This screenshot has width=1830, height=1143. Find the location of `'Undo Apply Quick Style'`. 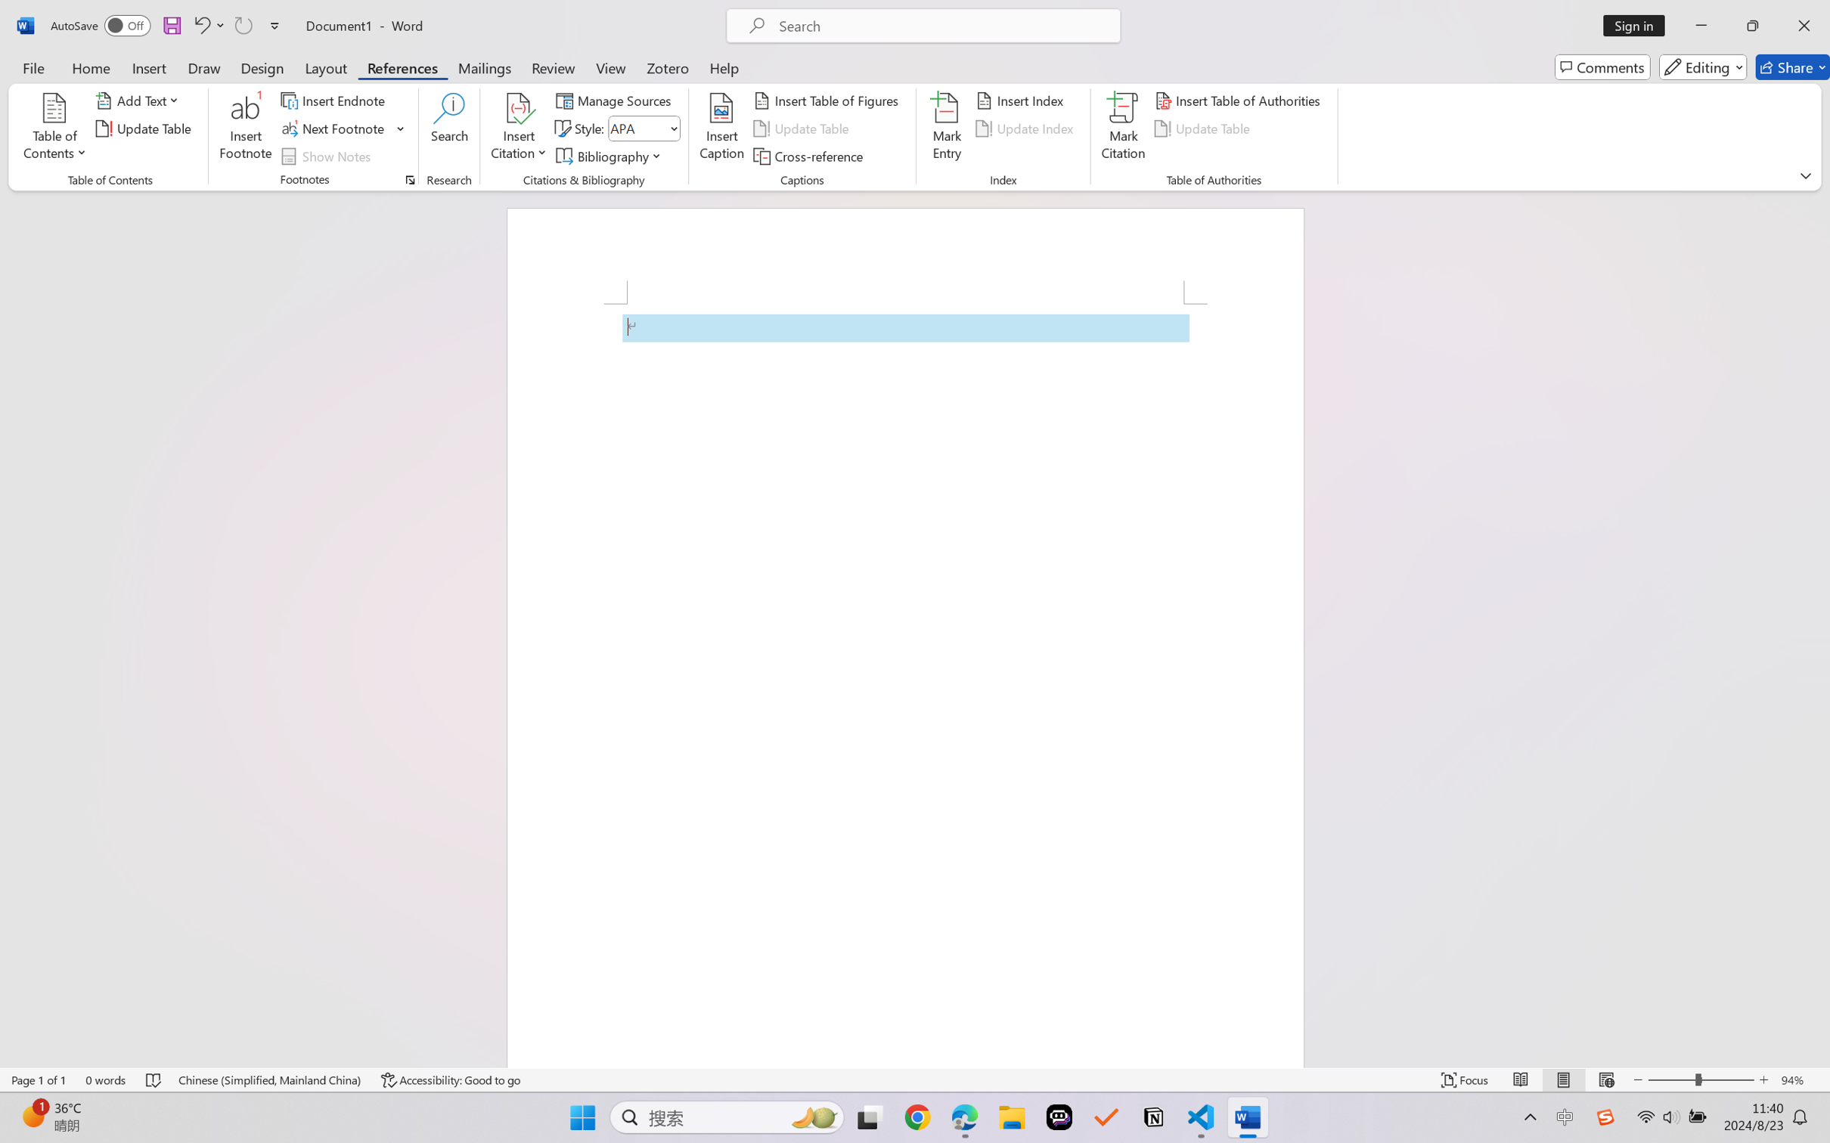

'Undo Apply Quick Style' is located at coordinates (207, 25).